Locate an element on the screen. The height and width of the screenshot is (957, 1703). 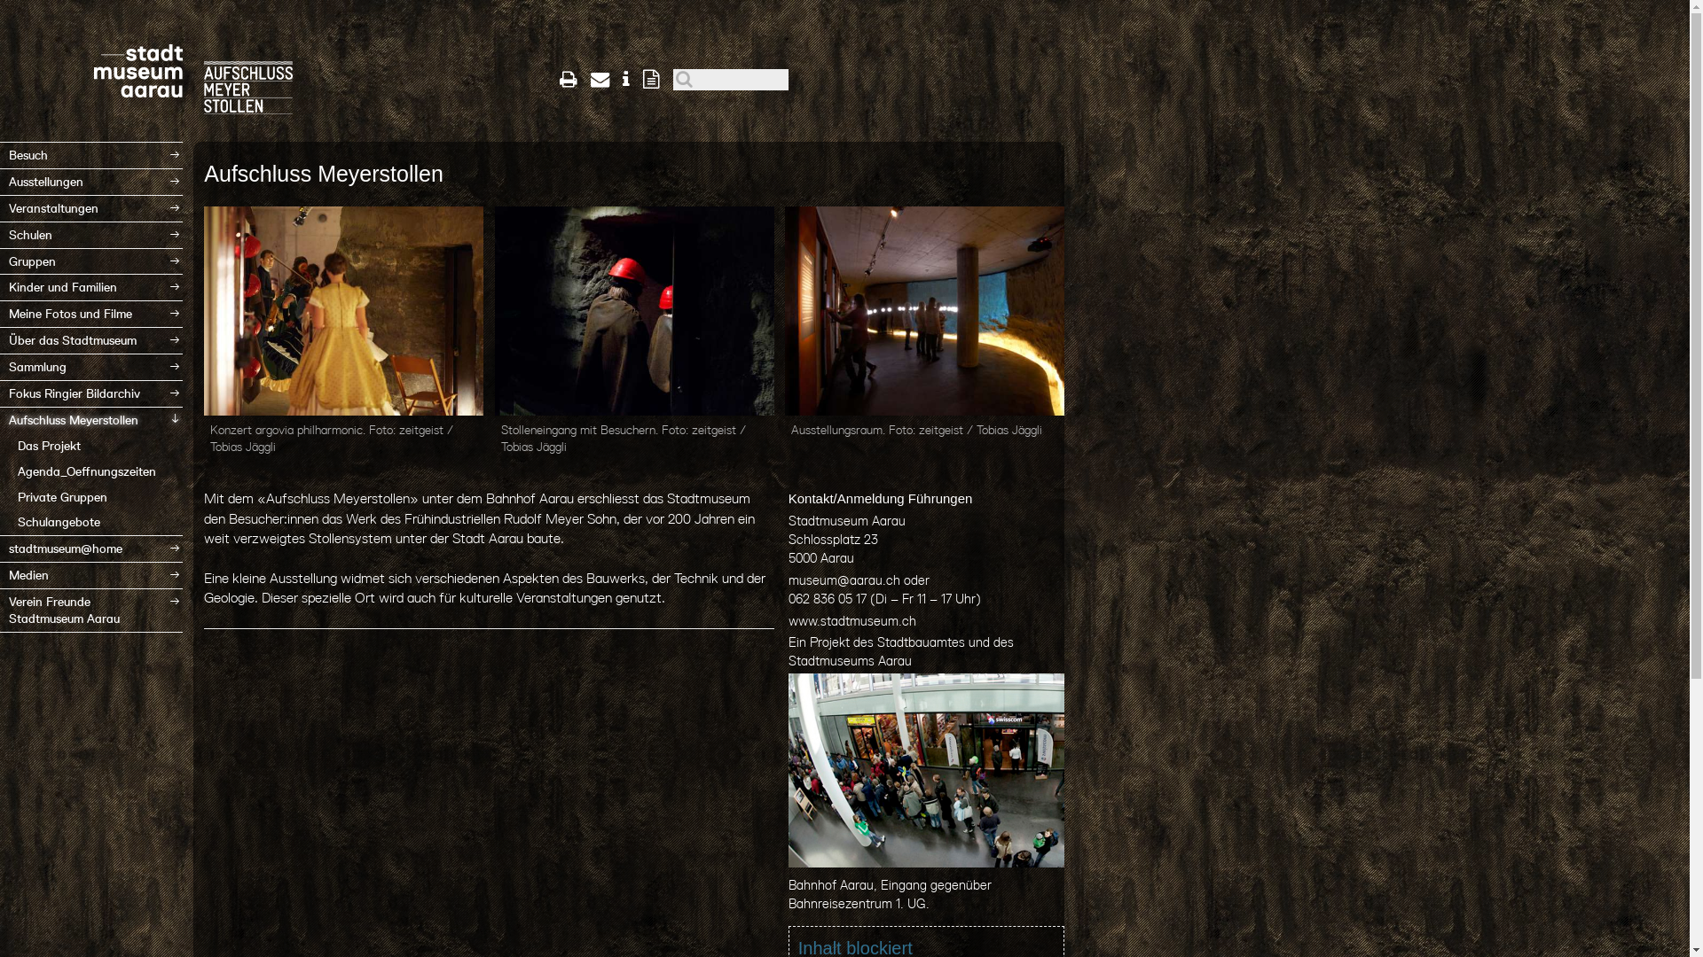
'Agenda_Oeffnungszeiten' is located at coordinates (90, 471).